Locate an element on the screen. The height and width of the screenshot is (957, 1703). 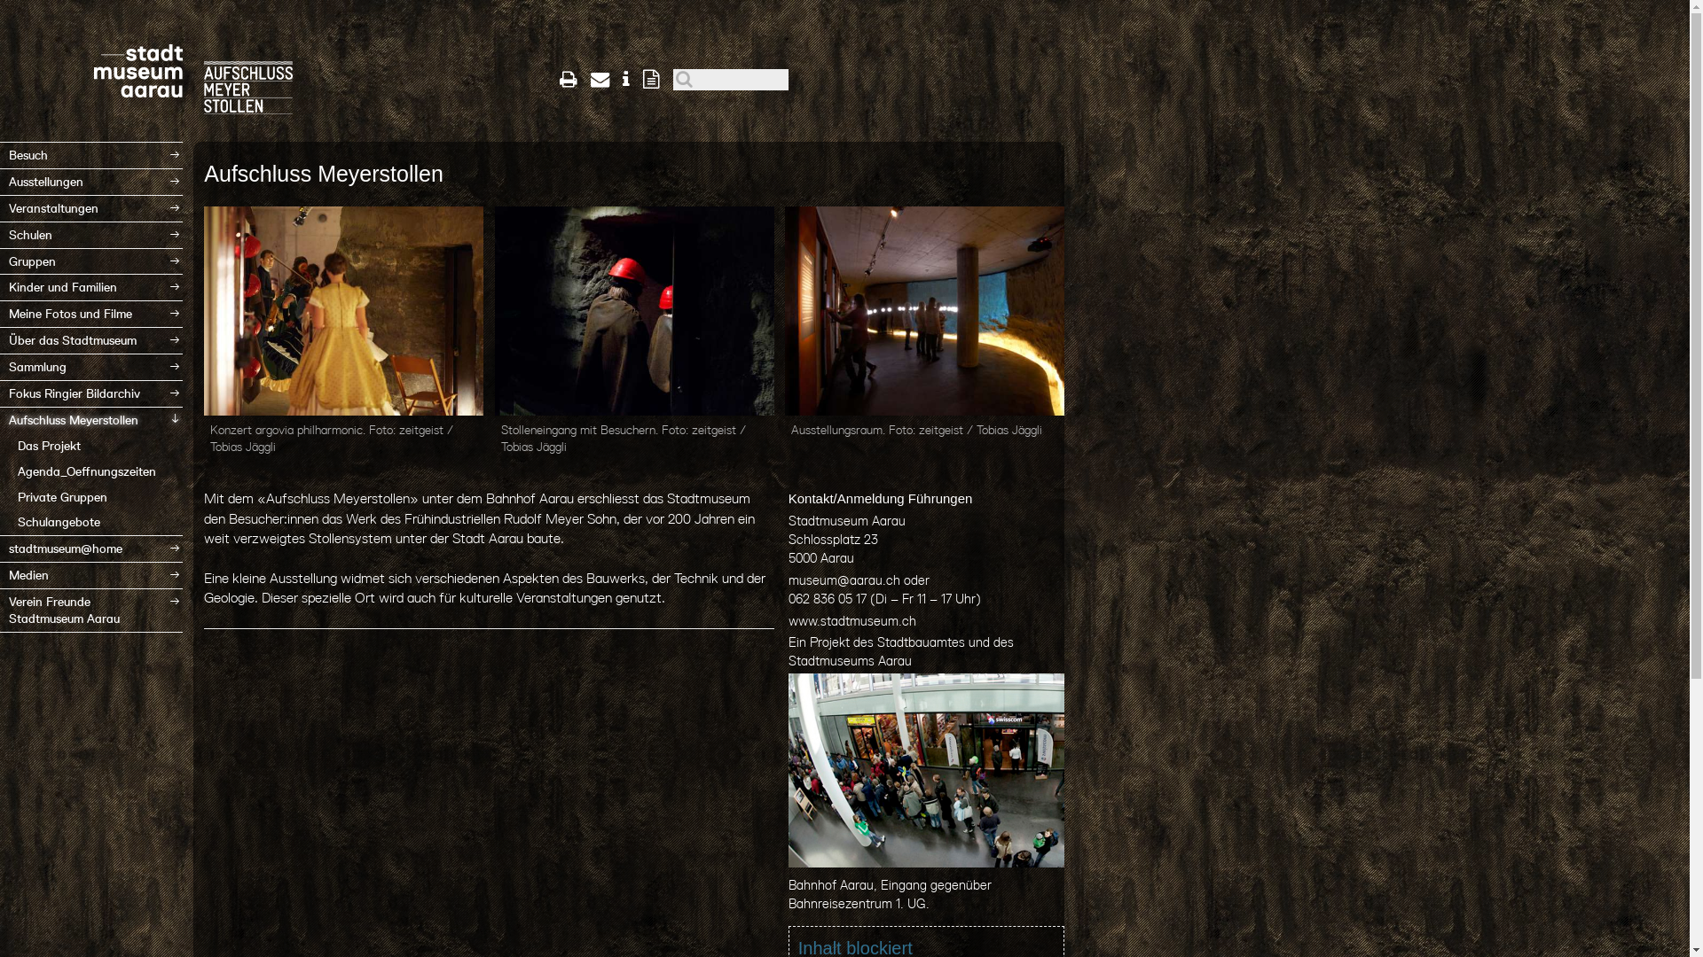
'Agenda_Oeffnungszeiten' is located at coordinates (90, 471).